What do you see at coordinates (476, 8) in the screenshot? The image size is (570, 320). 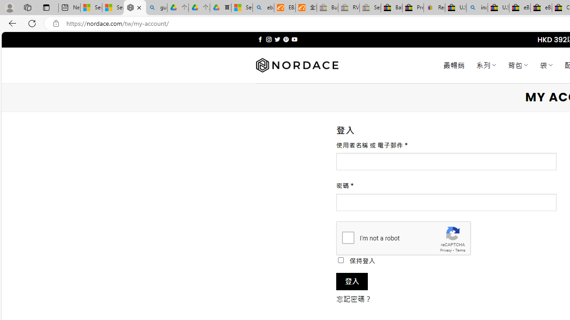 I see `'including - Search'` at bounding box center [476, 8].